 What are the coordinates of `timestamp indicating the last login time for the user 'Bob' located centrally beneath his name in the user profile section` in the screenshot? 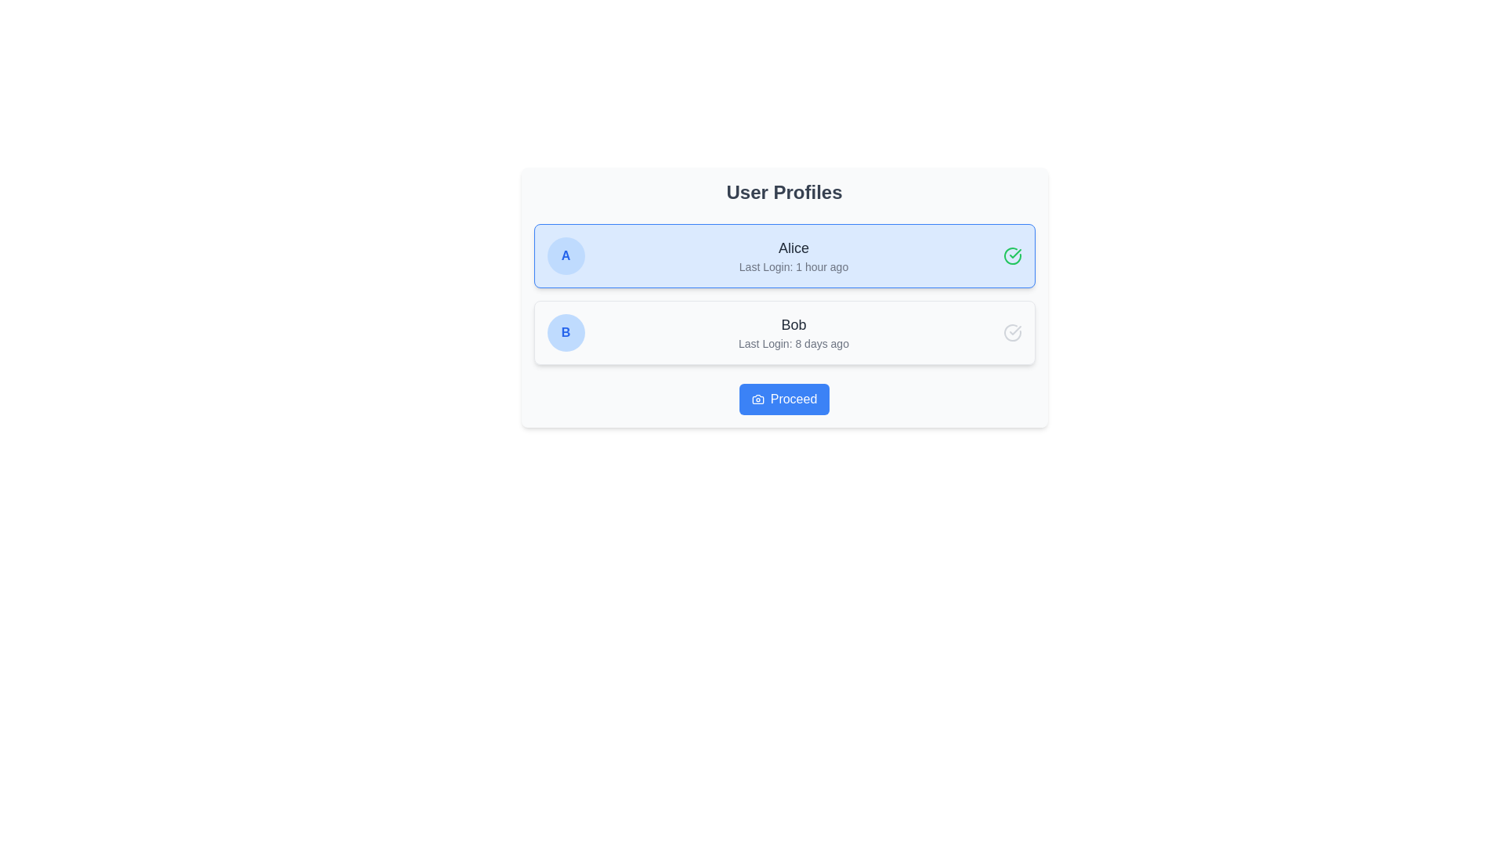 It's located at (794, 343).